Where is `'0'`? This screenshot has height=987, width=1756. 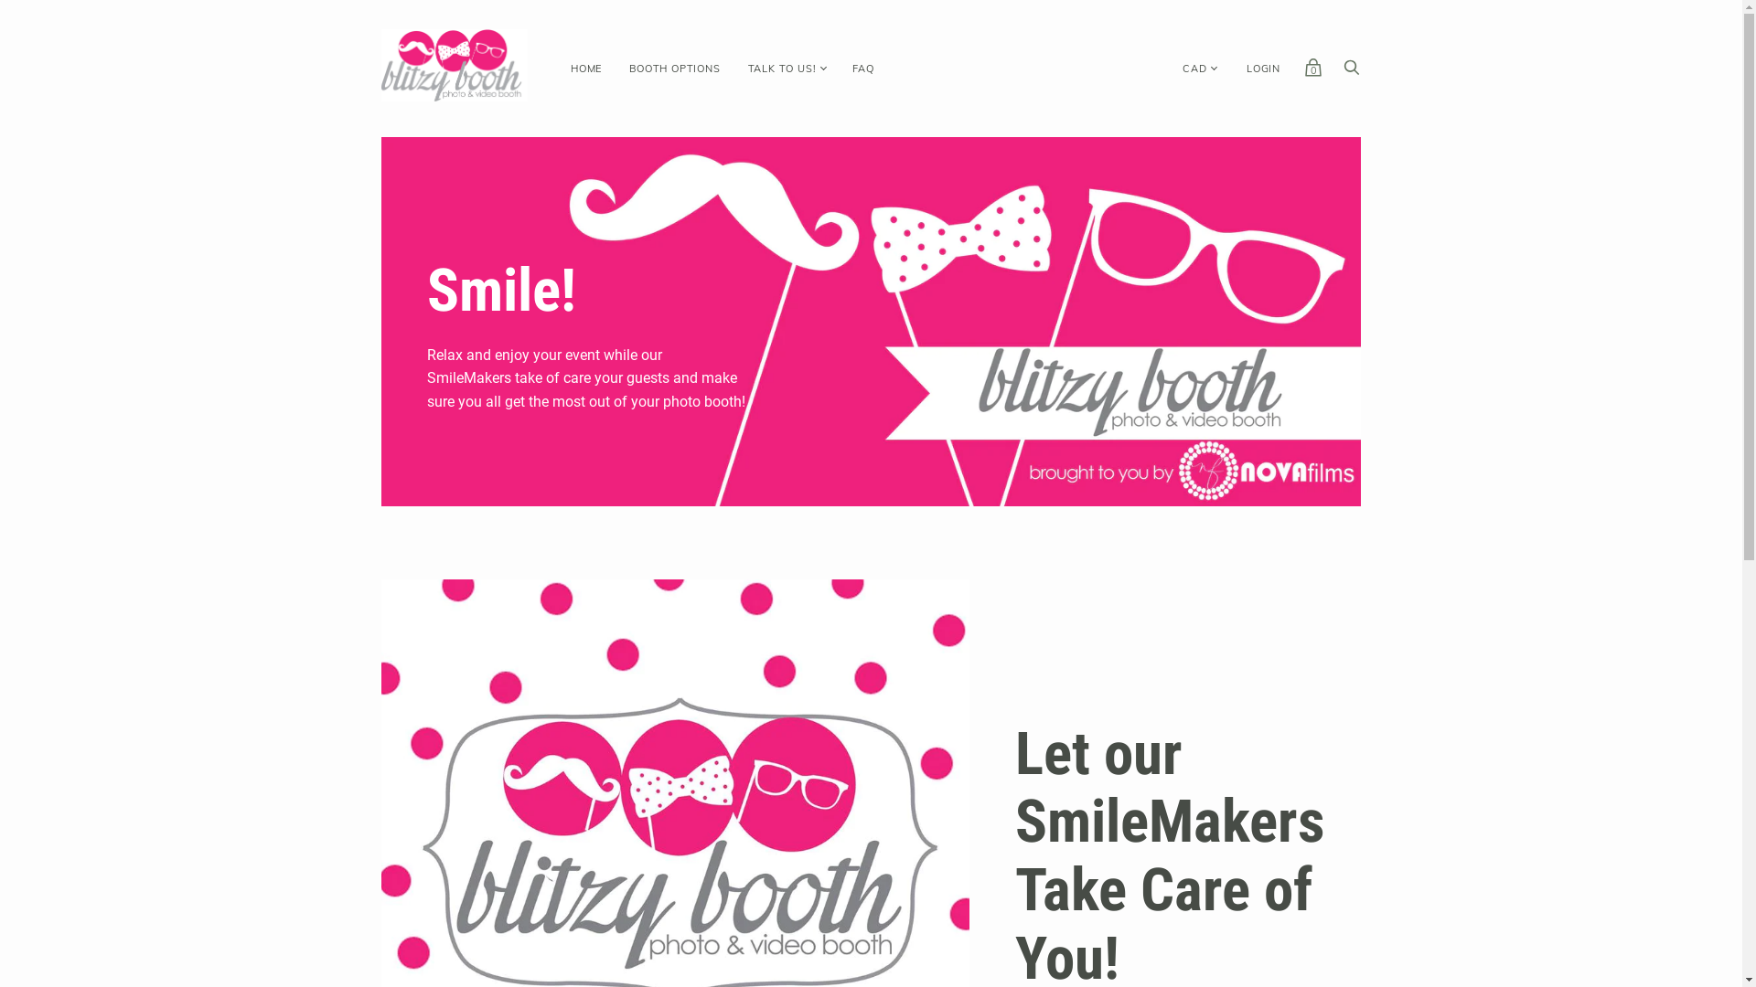 '0' is located at coordinates (1302, 70).